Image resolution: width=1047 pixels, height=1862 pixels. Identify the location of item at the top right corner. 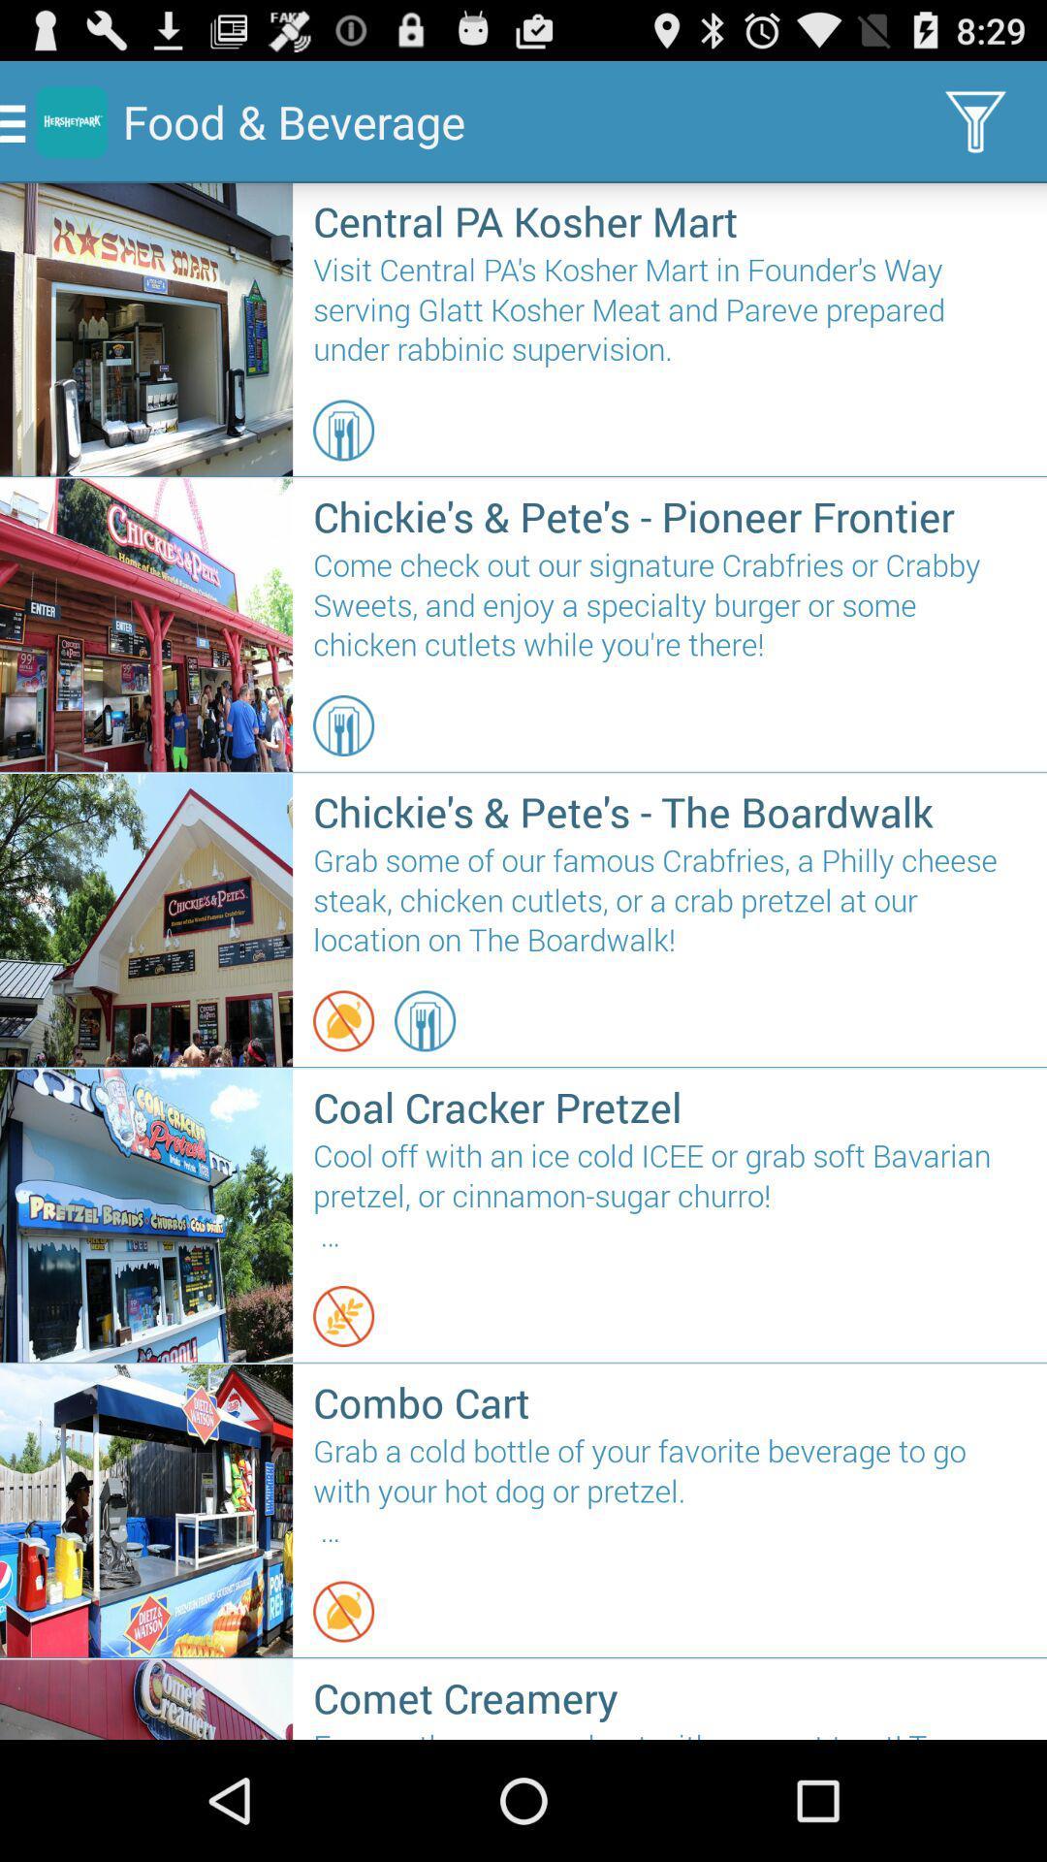
(975, 120).